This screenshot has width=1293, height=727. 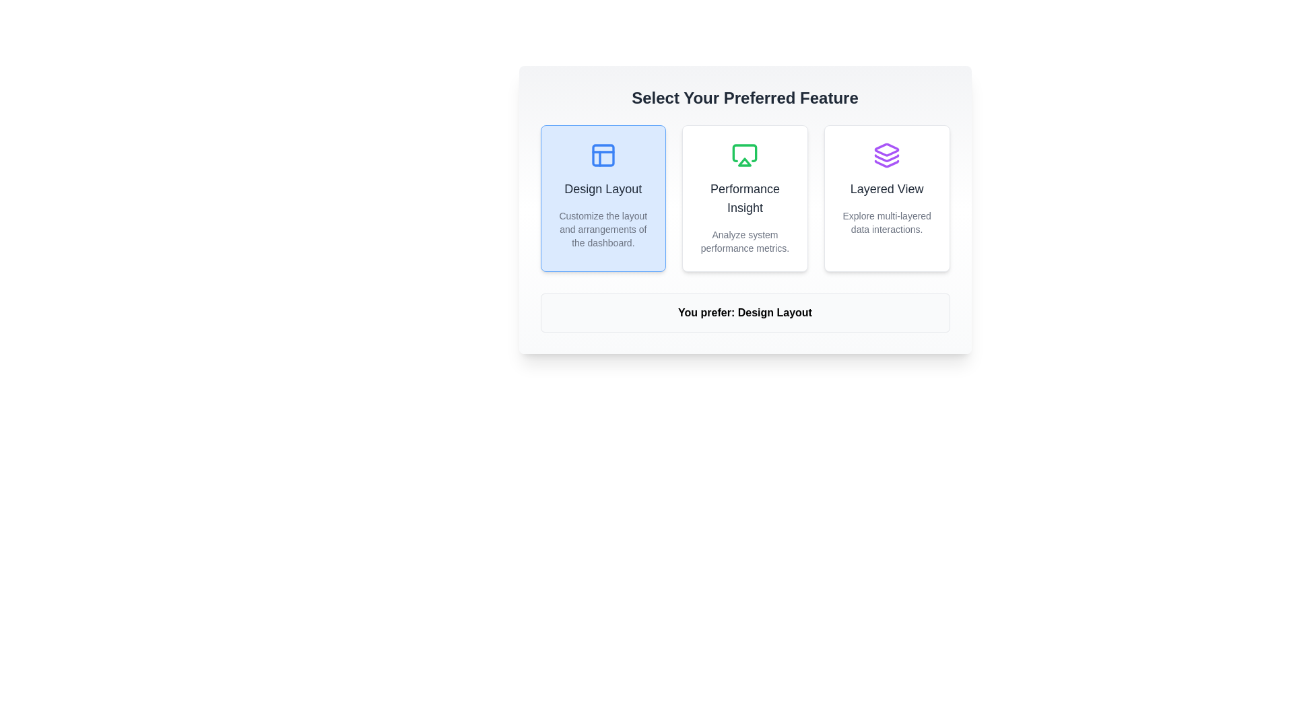 I want to click on displayed information in the text display box that shows the user's current selection, specifically the choice 'Design Layout', so click(x=744, y=313).